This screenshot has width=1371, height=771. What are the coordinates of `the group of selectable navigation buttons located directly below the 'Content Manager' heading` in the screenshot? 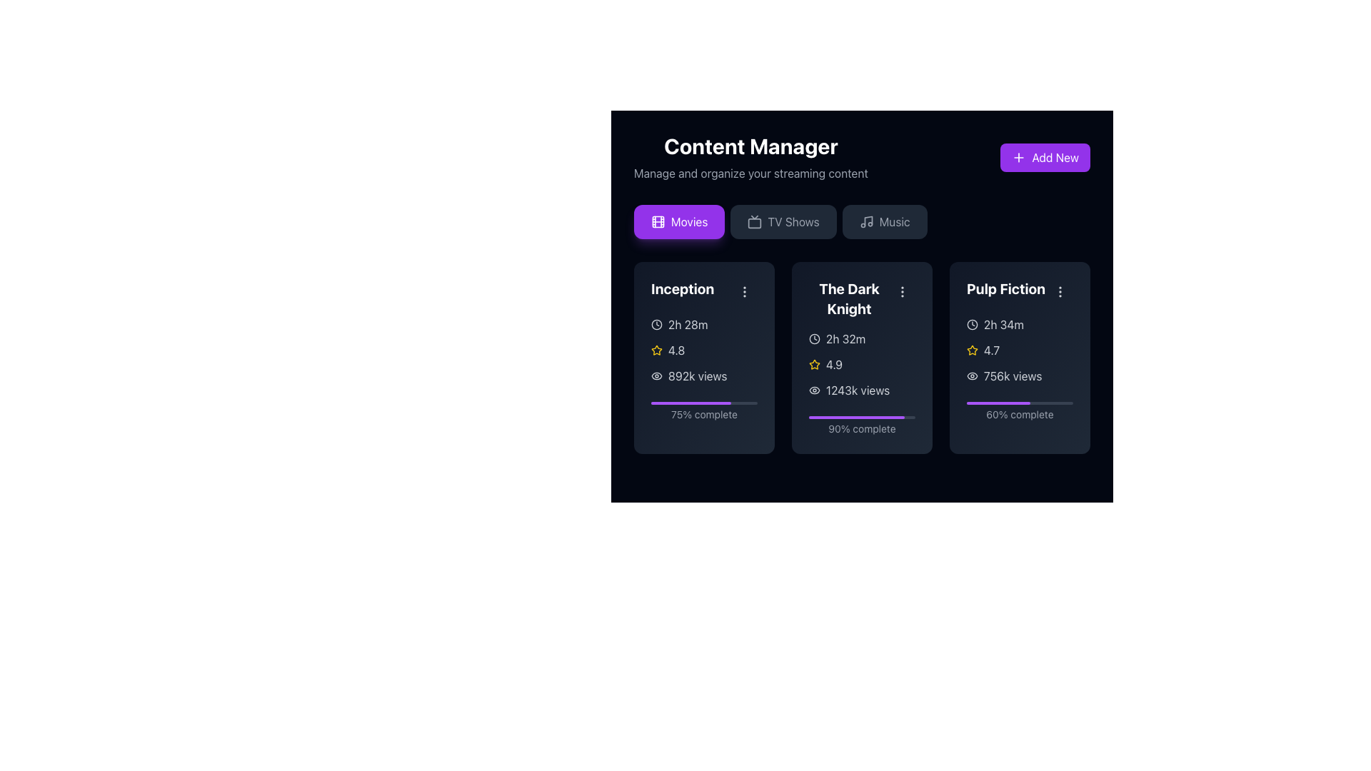 It's located at (861, 222).